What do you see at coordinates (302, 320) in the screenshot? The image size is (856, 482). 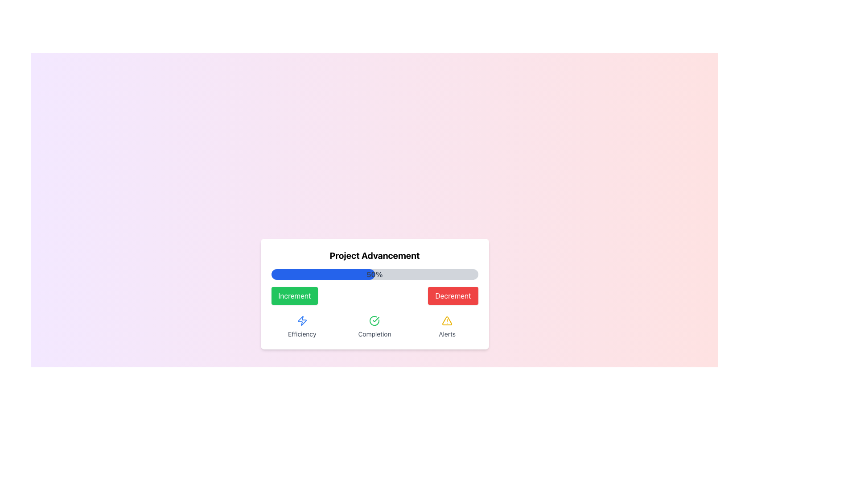 I see `the blue lightning icon, which represents 'Efficiency', located in the bottom row of features in the lower section of the interface` at bounding box center [302, 320].